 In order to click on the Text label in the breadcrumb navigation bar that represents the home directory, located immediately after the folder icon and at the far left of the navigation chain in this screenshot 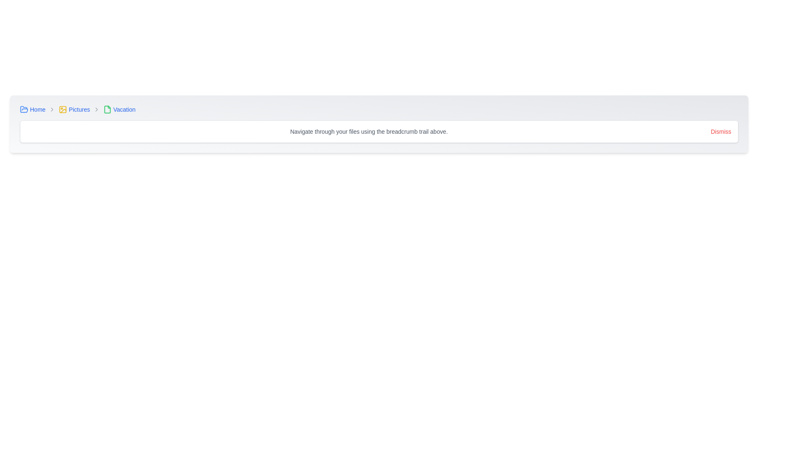, I will do `click(37, 109)`.